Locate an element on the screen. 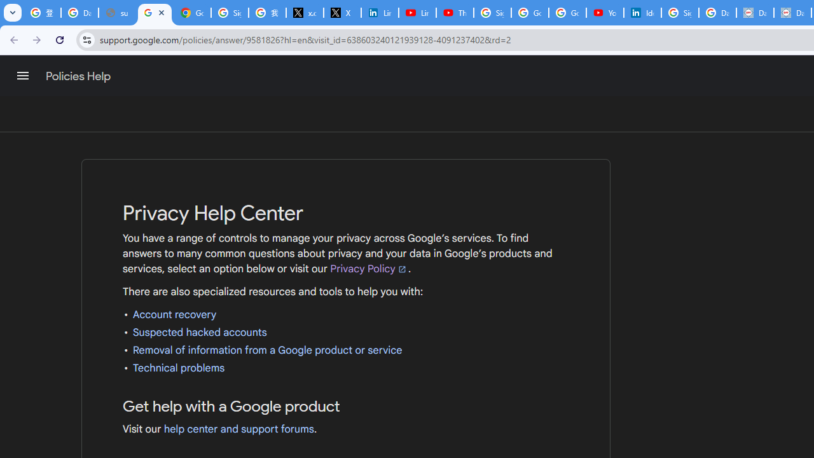  'Data Privacy Framework' is located at coordinates (755, 13).